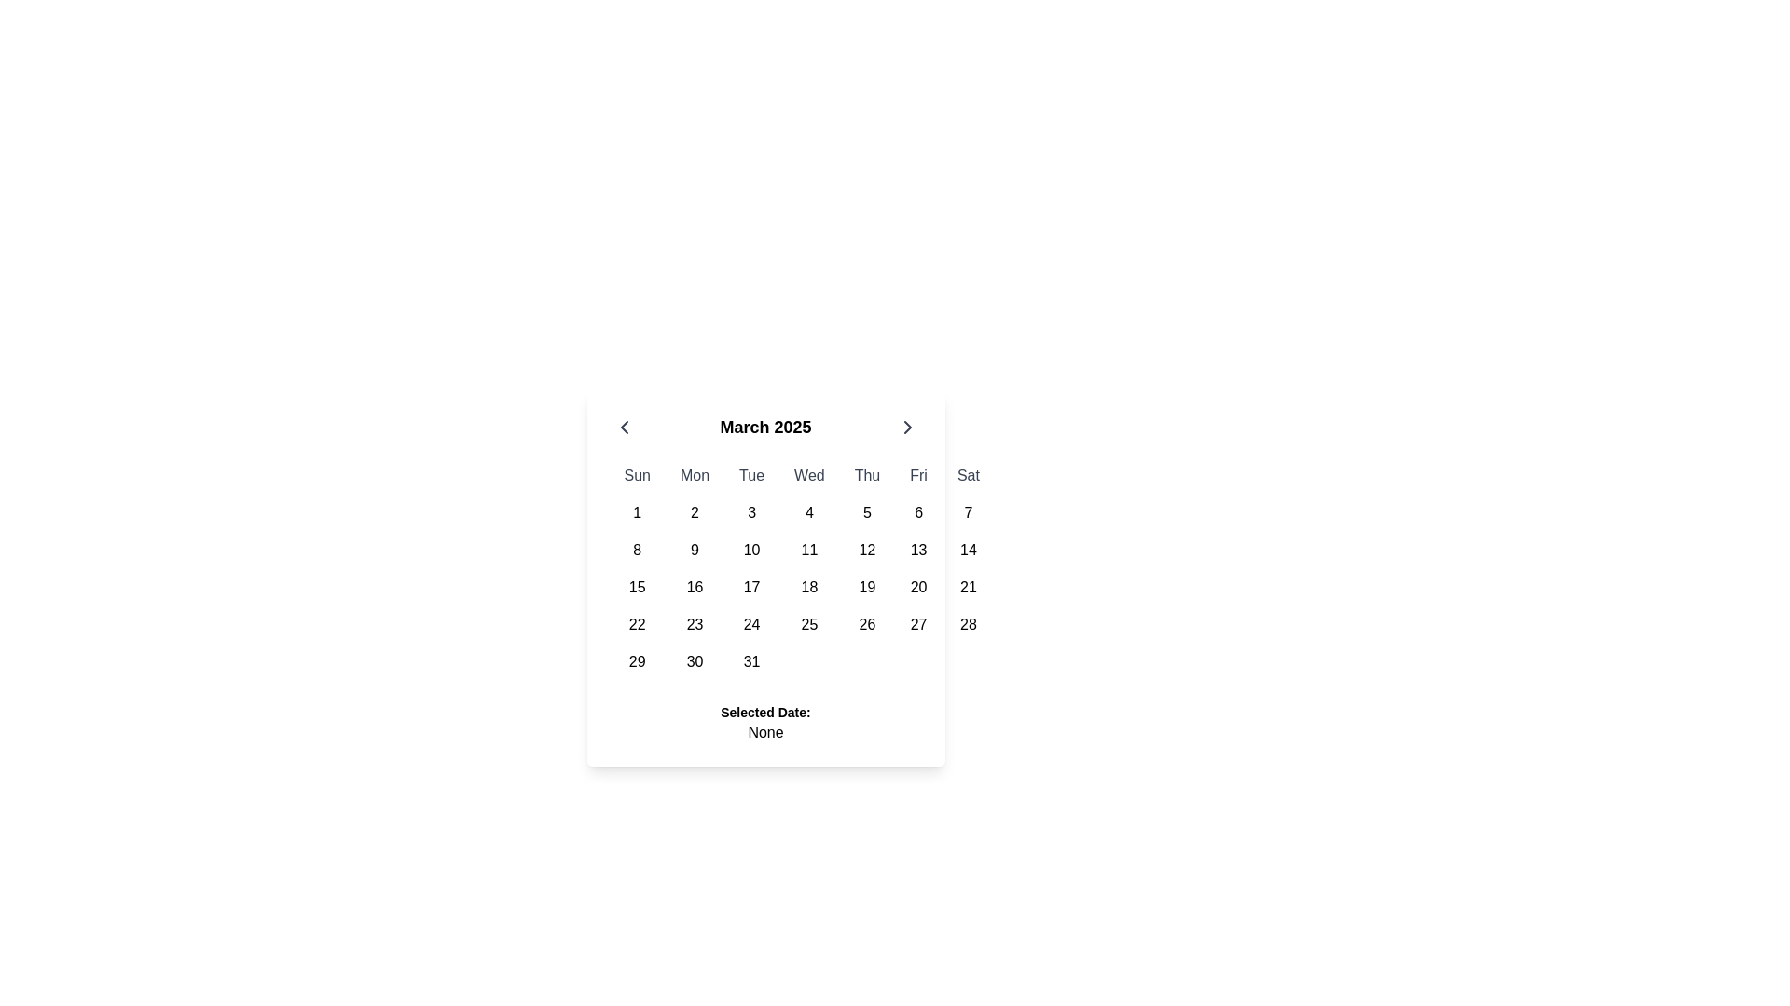  I want to click on the static text representing the 18th day of the month in the calendar interface, so click(802, 588).